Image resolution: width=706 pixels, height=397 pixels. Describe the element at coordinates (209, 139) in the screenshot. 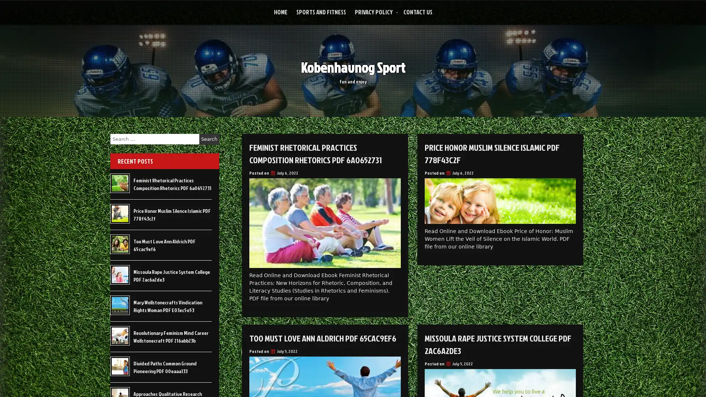

I see `Search` at that location.